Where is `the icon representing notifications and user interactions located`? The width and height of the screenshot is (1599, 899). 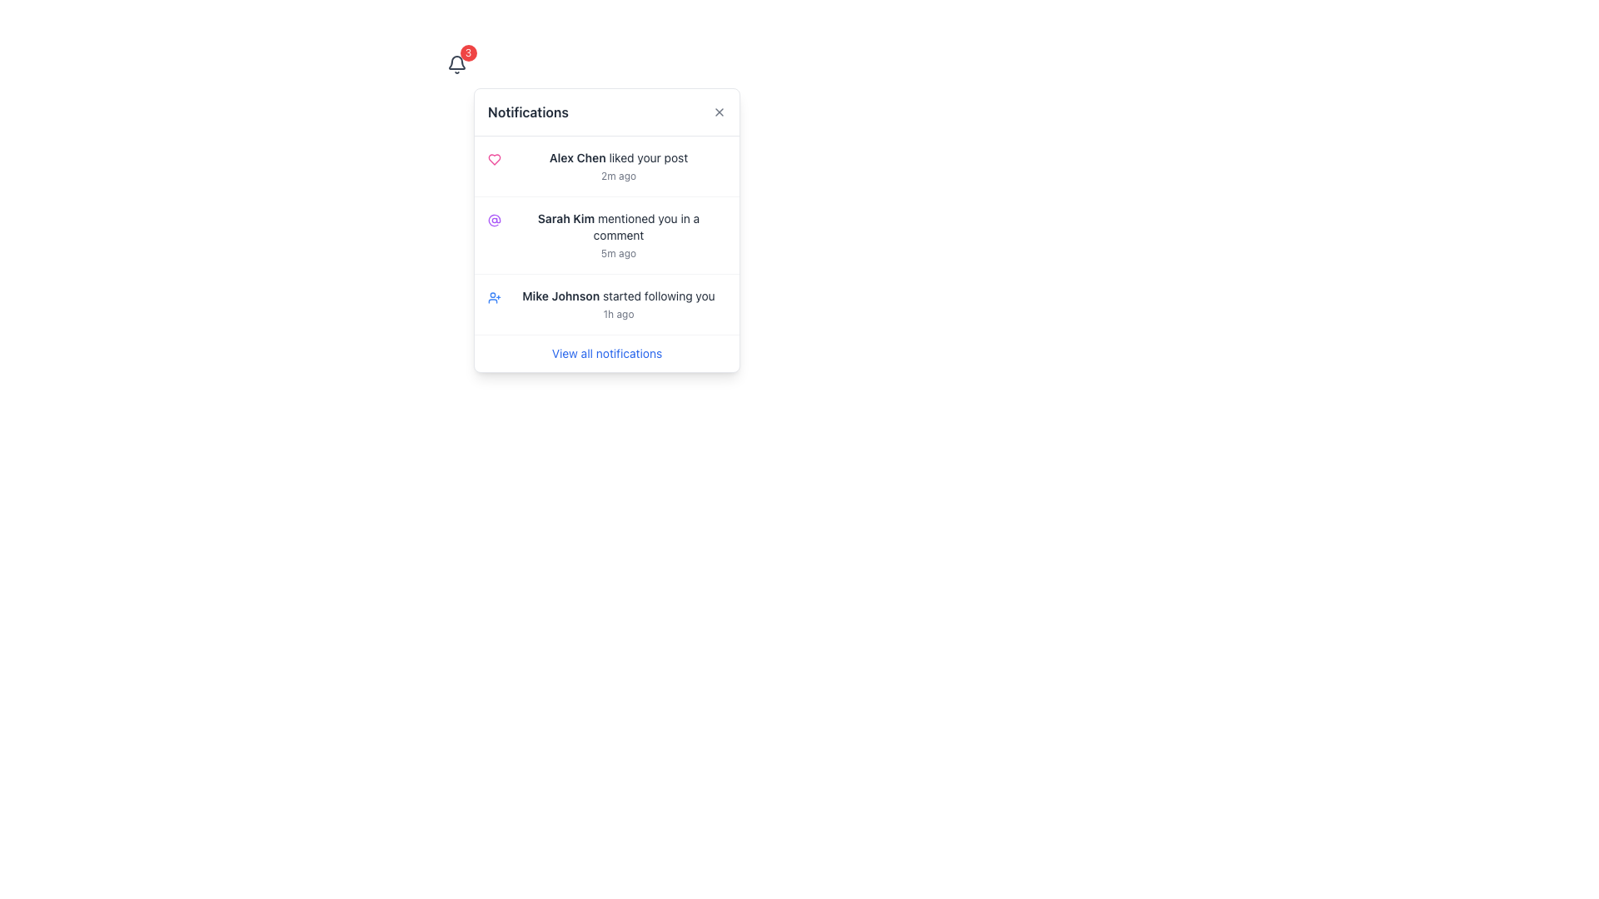 the icon representing notifications and user interactions located is located at coordinates (494, 220).